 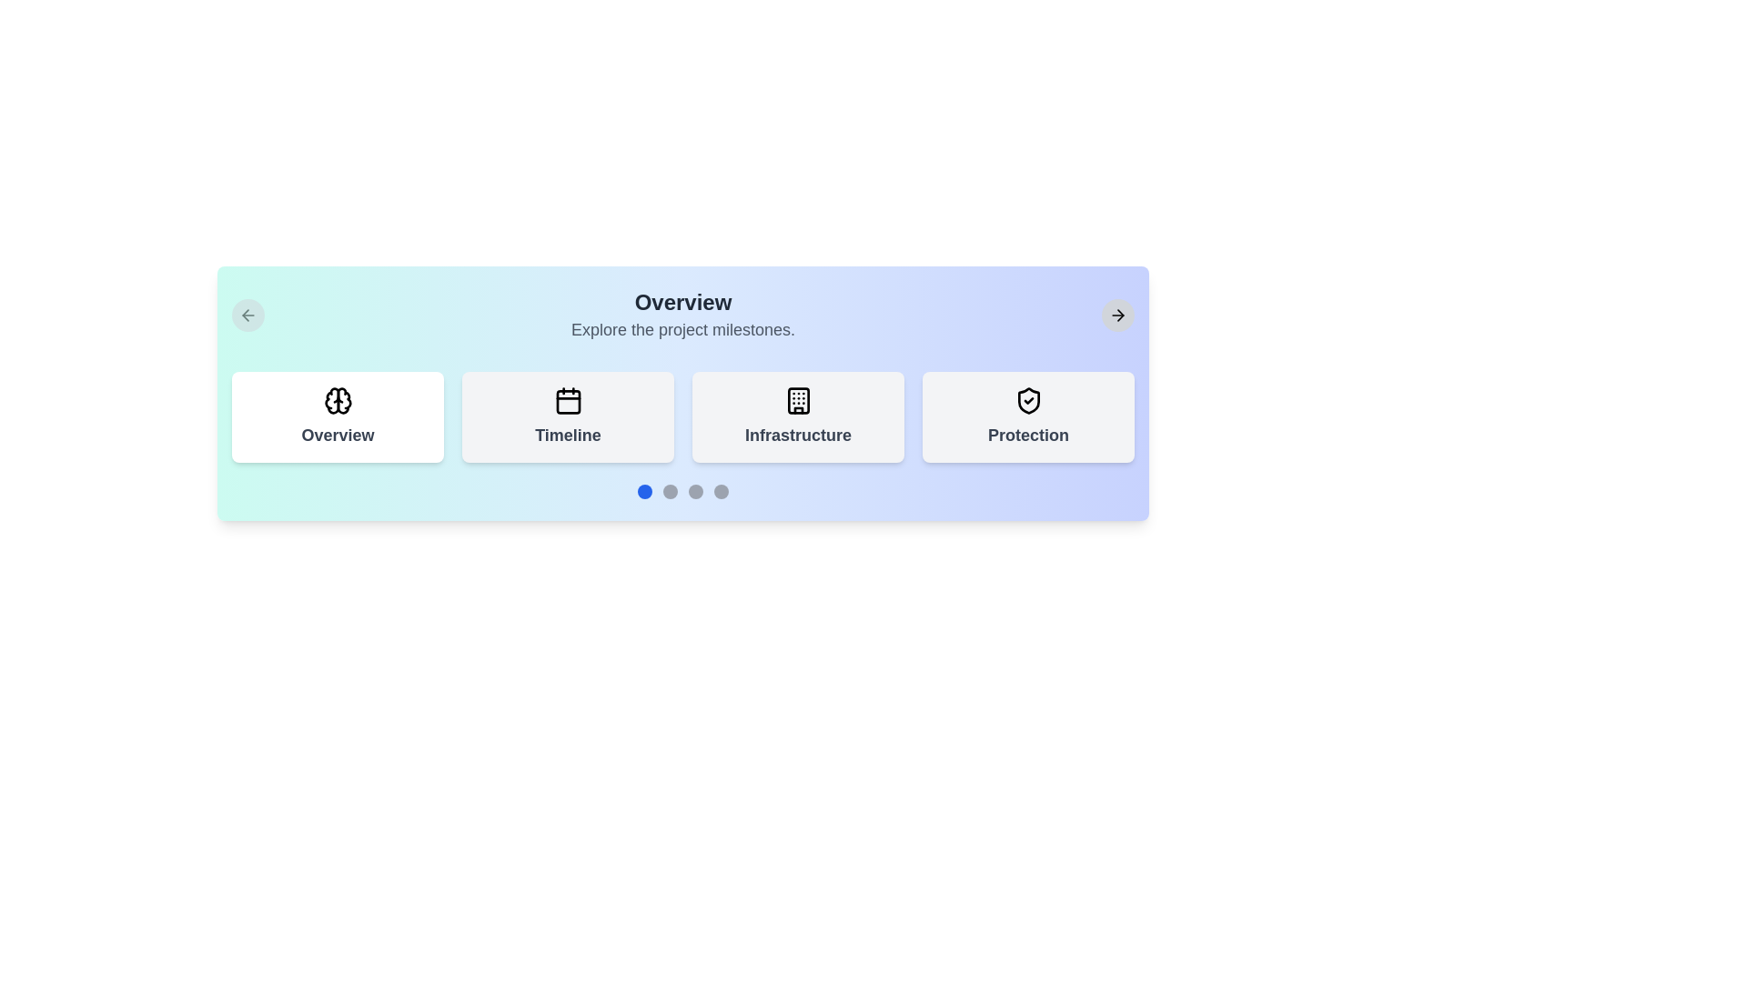 I want to click on the 'Timeline' or 'Calendar' icon, so click(x=567, y=399).